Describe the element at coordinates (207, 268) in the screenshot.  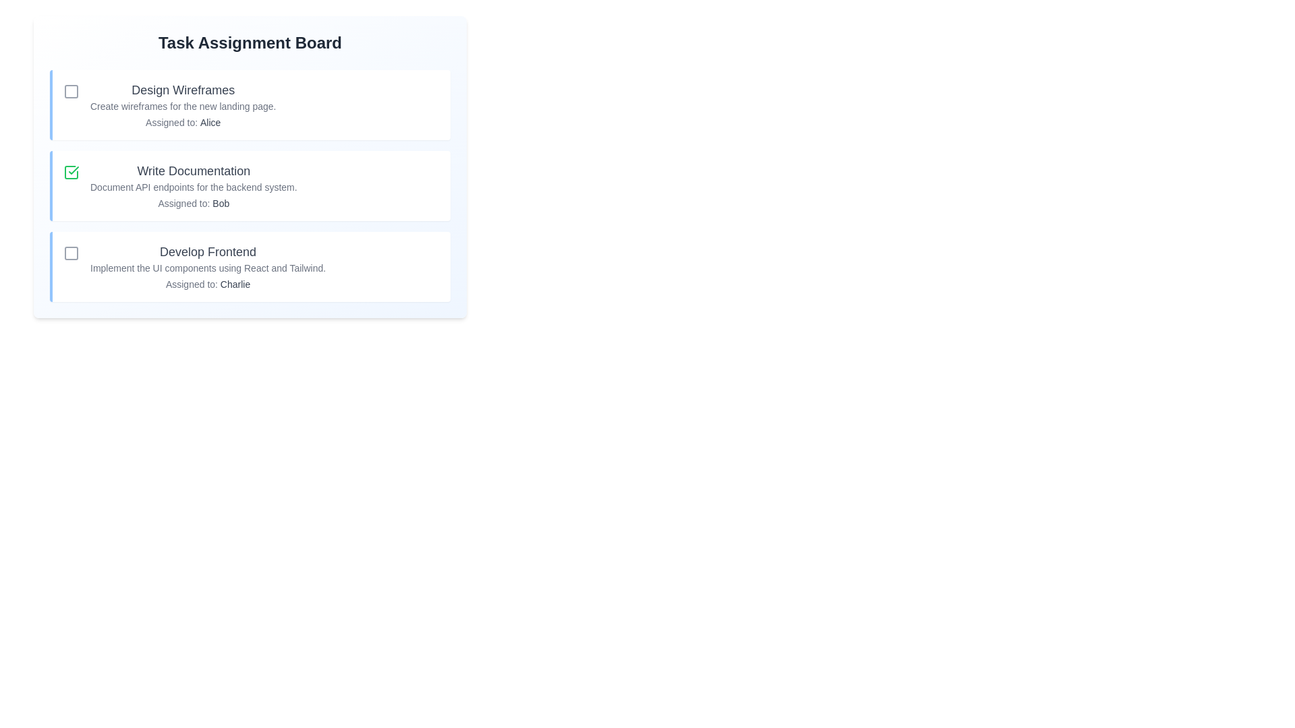
I see `the static text element that provides additional details about the task labeled 'Develop Frontend', positioned centrally between the title and assignment information` at that location.